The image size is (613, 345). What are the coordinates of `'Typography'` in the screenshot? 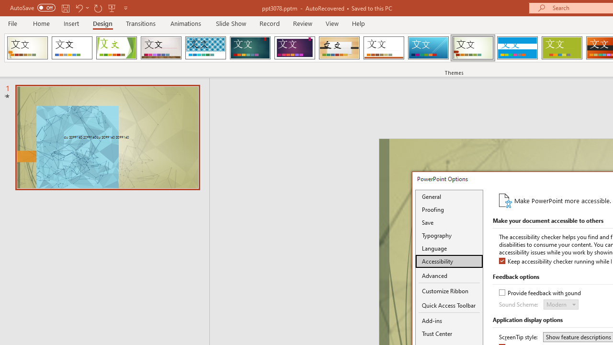 It's located at (449, 235).